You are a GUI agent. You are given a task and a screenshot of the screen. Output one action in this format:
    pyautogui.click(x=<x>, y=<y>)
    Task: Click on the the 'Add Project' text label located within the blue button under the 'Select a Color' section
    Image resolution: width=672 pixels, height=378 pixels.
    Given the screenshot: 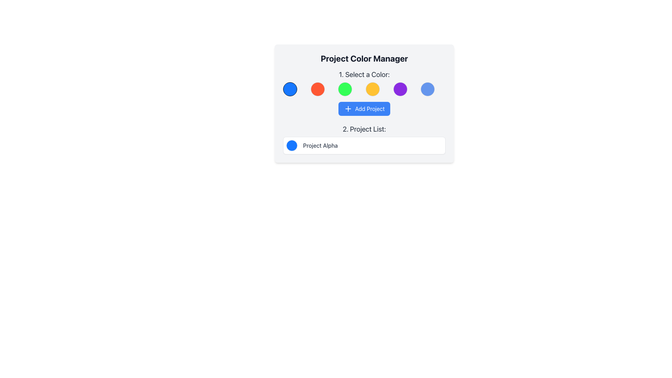 What is the action you would take?
    pyautogui.click(x=369, y=109)
    